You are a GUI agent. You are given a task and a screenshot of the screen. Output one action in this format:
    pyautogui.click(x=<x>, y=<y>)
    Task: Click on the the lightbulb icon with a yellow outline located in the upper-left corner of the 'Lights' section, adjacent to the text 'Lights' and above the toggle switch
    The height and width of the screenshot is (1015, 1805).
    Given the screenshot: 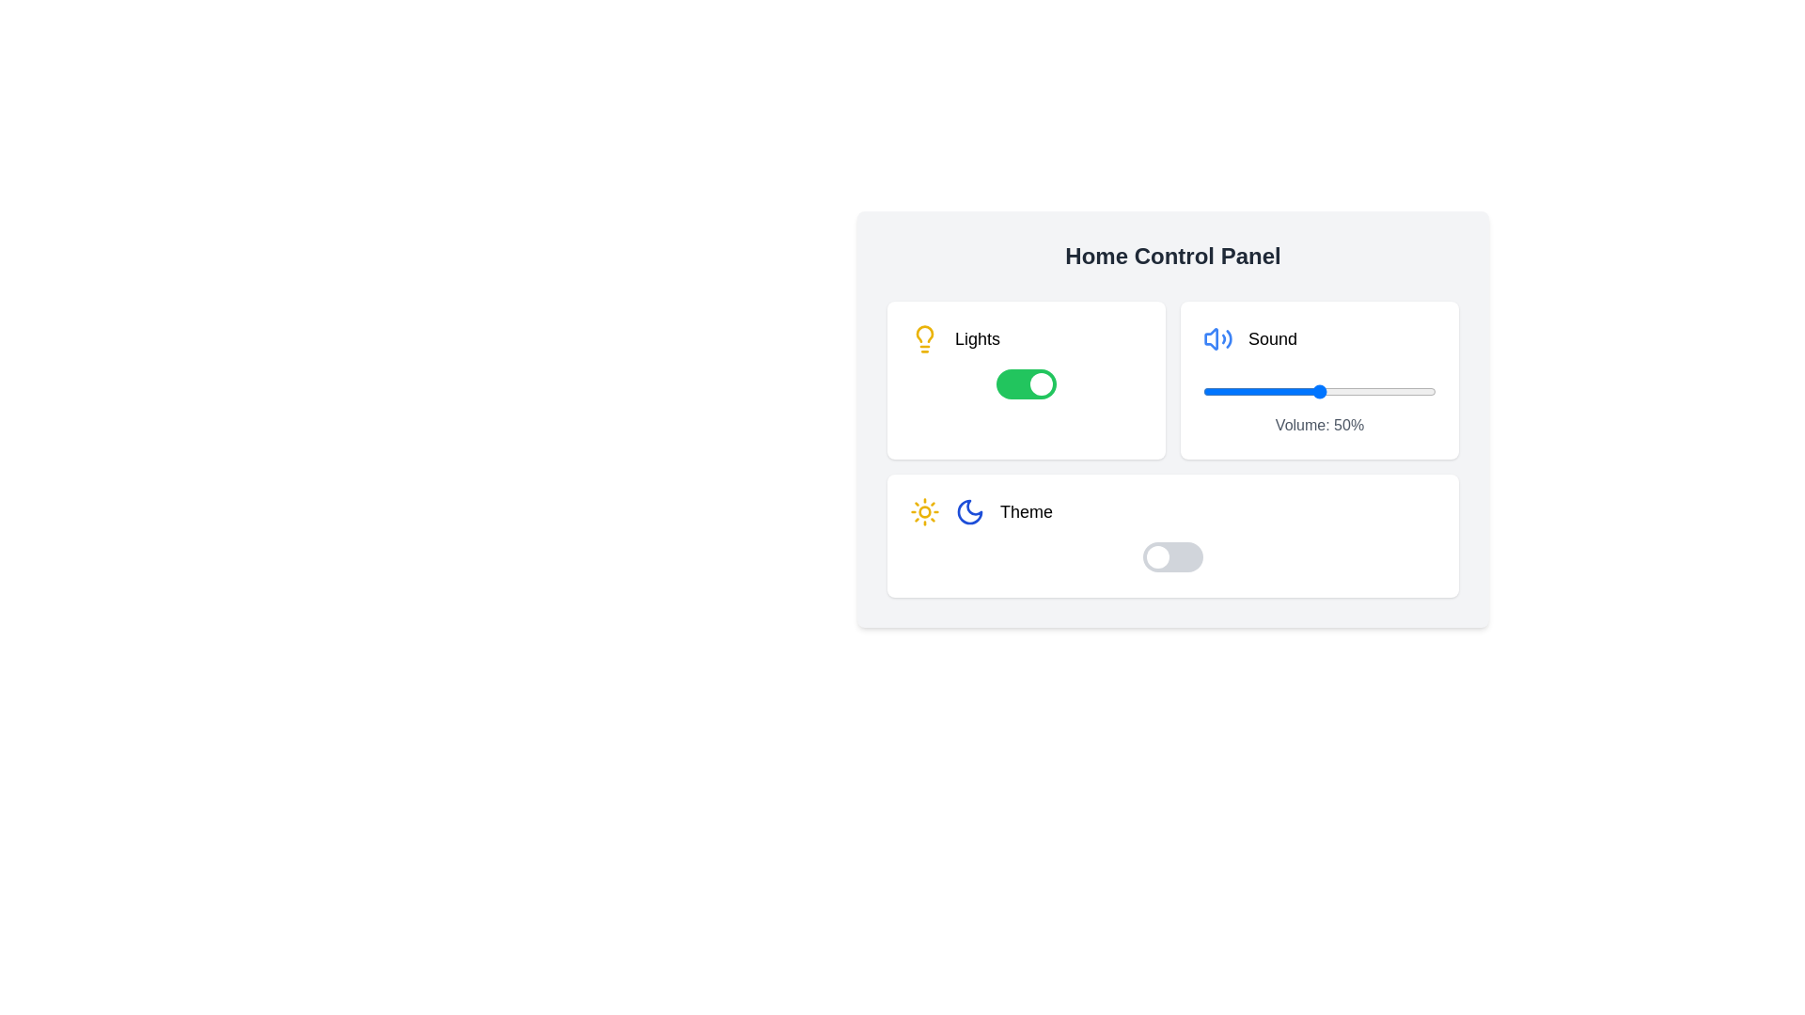 What is the action you would take?
    pyautogui.click(x=924, y=339)
    